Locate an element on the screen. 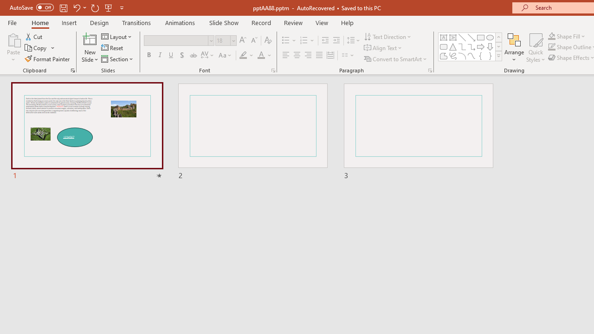 This screenshot has width=594, height=334. 'AutoSave' is located at coordinates (32, 7).